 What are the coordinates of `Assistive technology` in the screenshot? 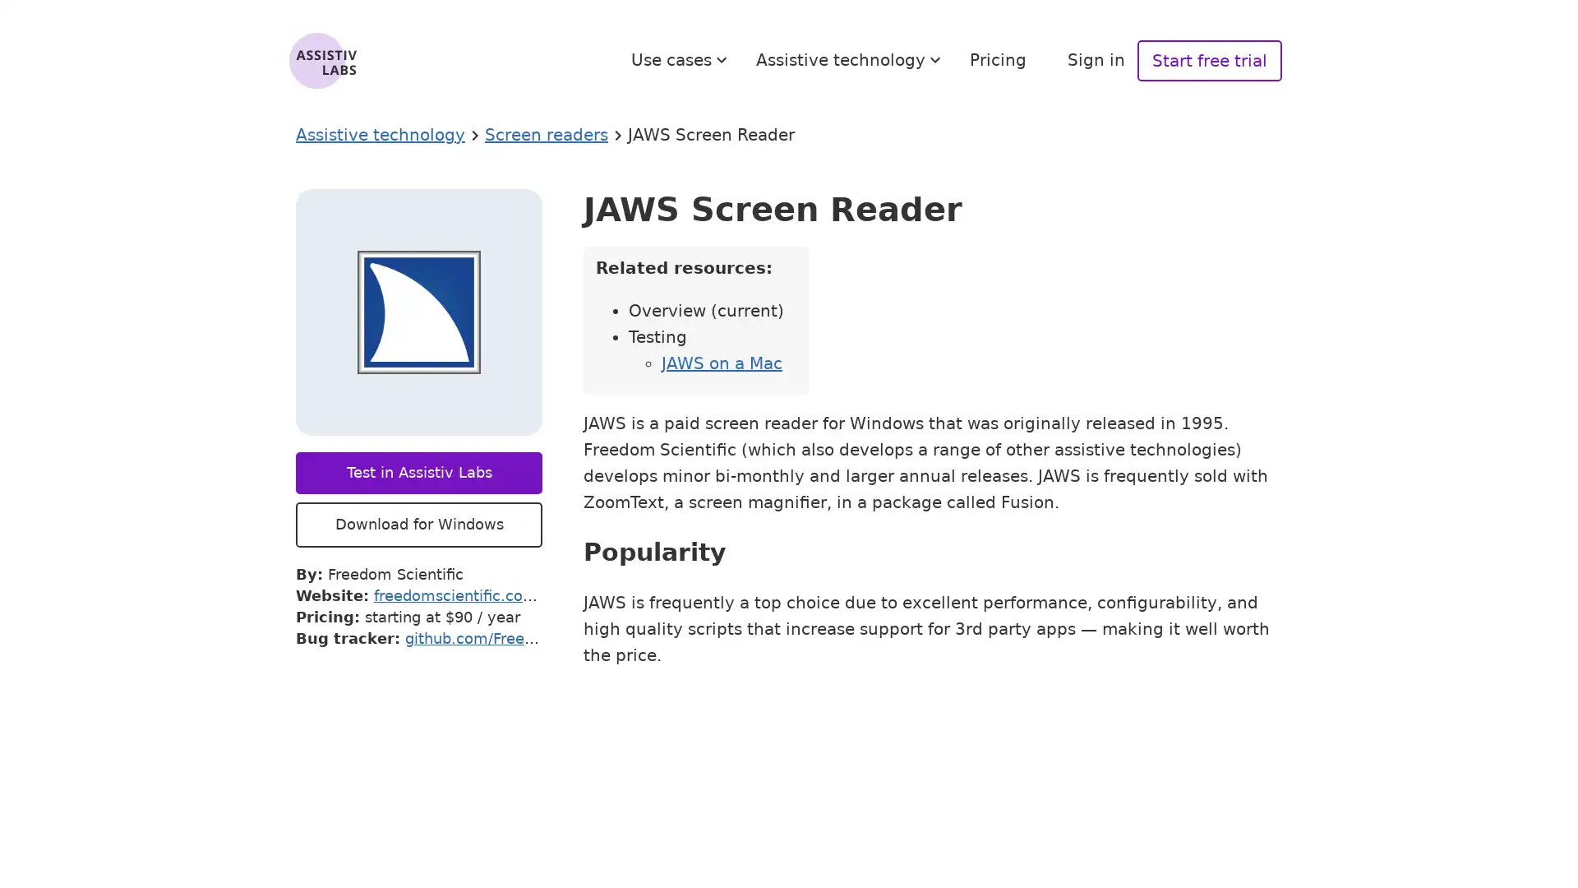 It's located at (851, 59).